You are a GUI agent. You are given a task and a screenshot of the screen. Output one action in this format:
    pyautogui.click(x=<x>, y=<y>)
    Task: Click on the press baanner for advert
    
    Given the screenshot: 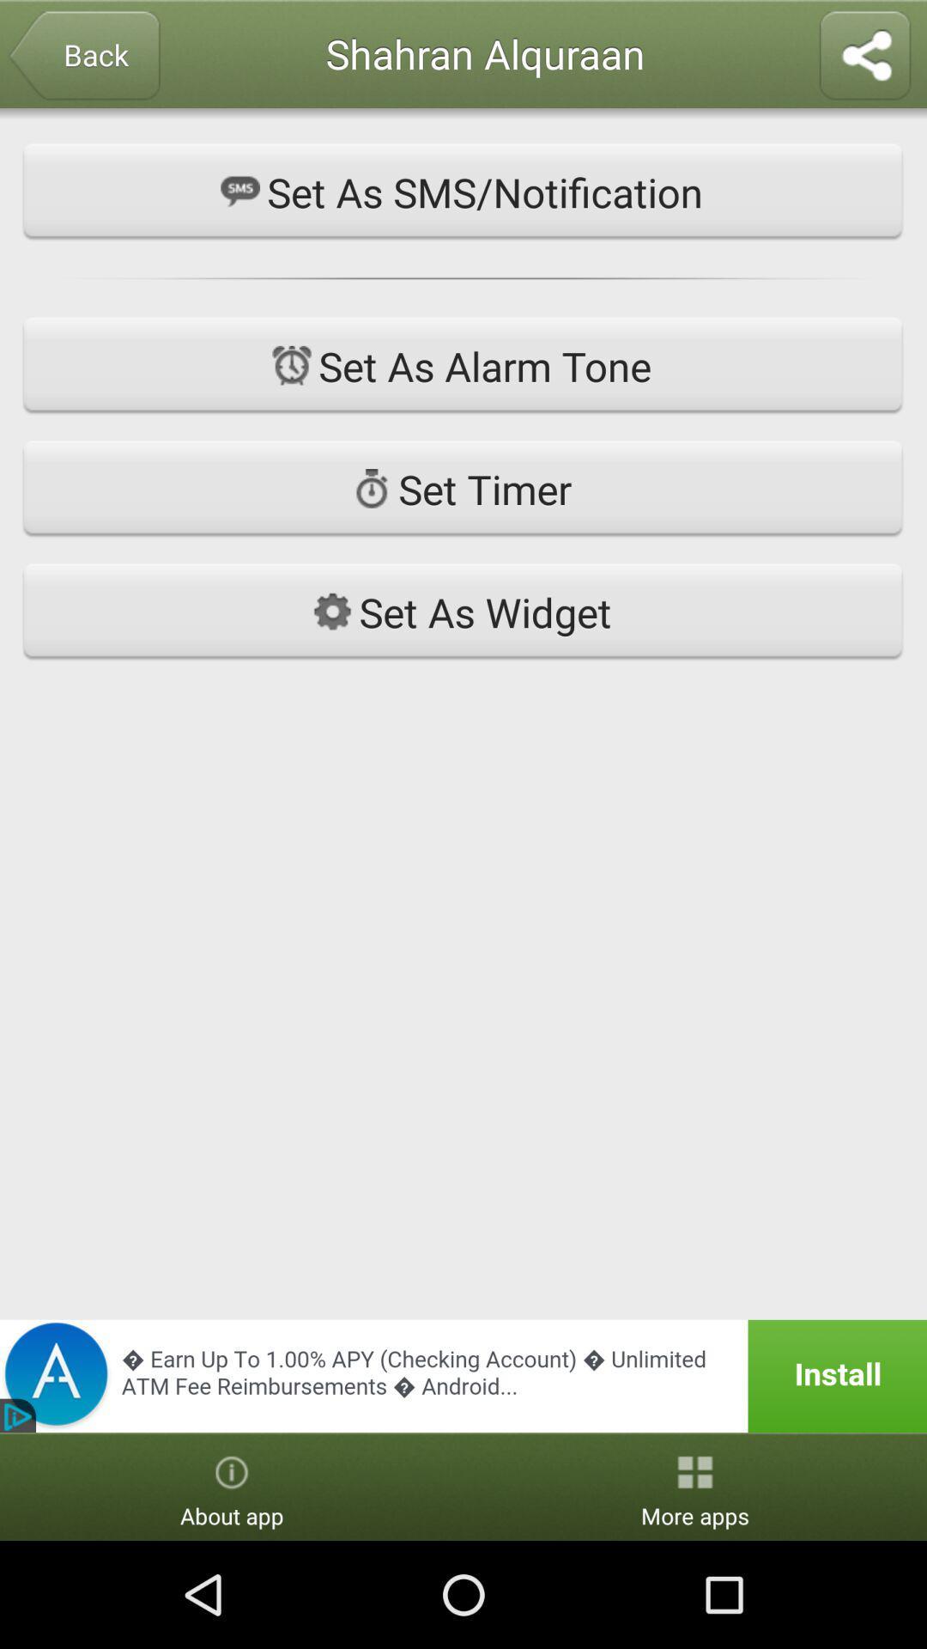 What is the action you would take?
    pyautogui.click(x=463, y=1376)
    